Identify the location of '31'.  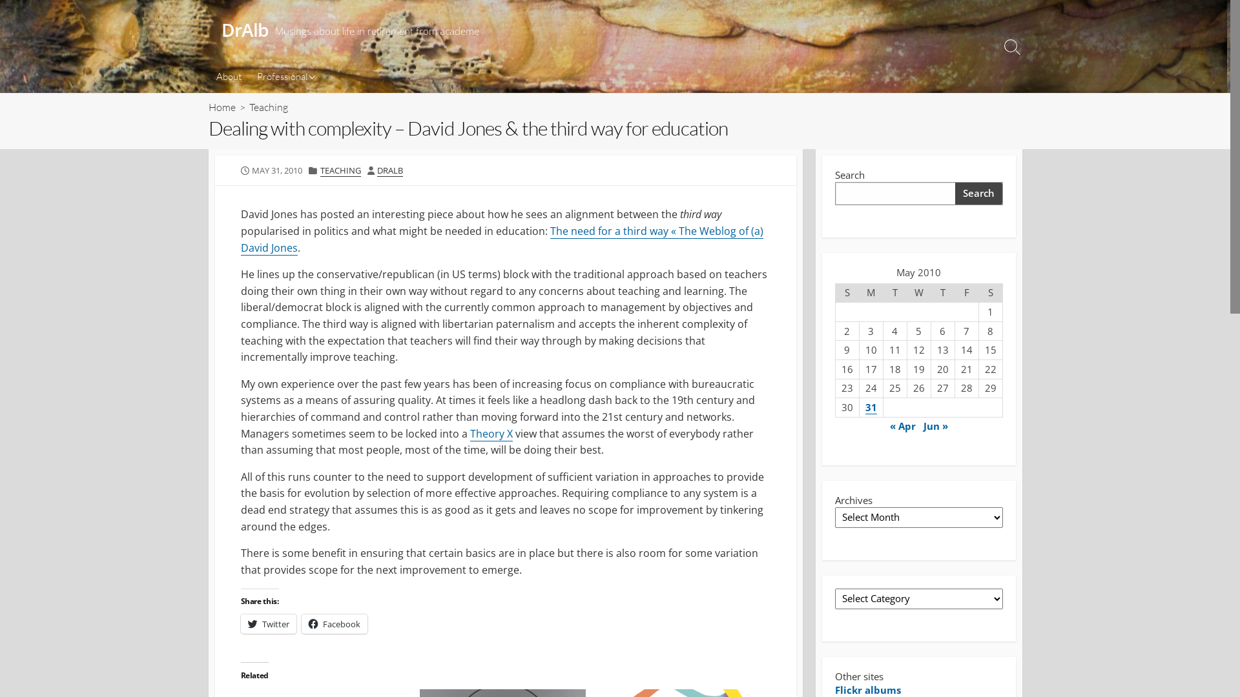
(871, 407).